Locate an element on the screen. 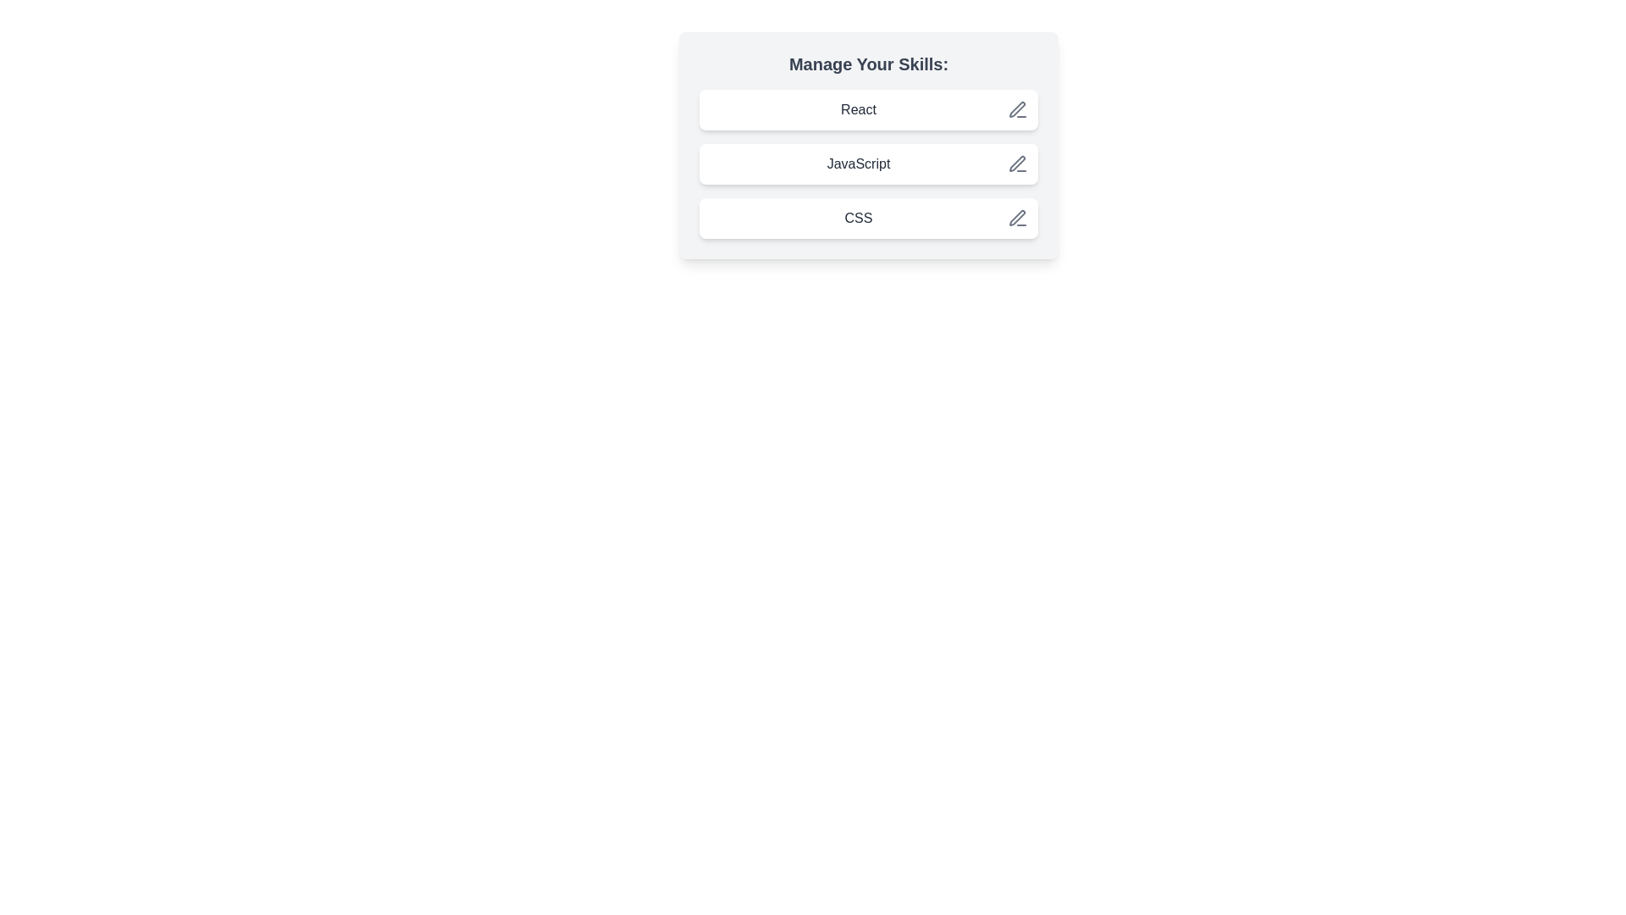  the save button for the chip labeled React is located at coordinates (1016, 110).